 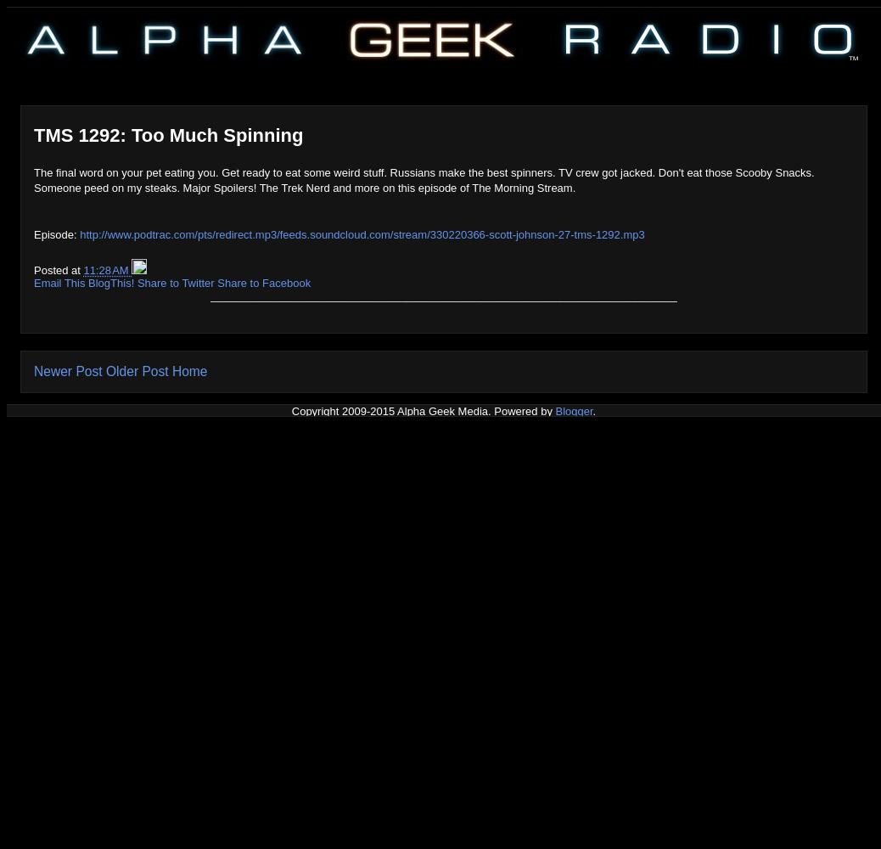 What do you see at coordinates (362, 233) in the screenshot?
I see `'http://www.podtrac.com/pts/redirect.mp3/feeds.soundcloud.com/stream/330220366-scott-johnson-27-tms-1292.mp3'` at bounding box center [362, 233].